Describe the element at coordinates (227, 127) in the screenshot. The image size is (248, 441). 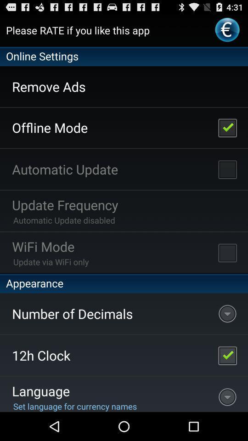
I see `disable offline mode` at that location.